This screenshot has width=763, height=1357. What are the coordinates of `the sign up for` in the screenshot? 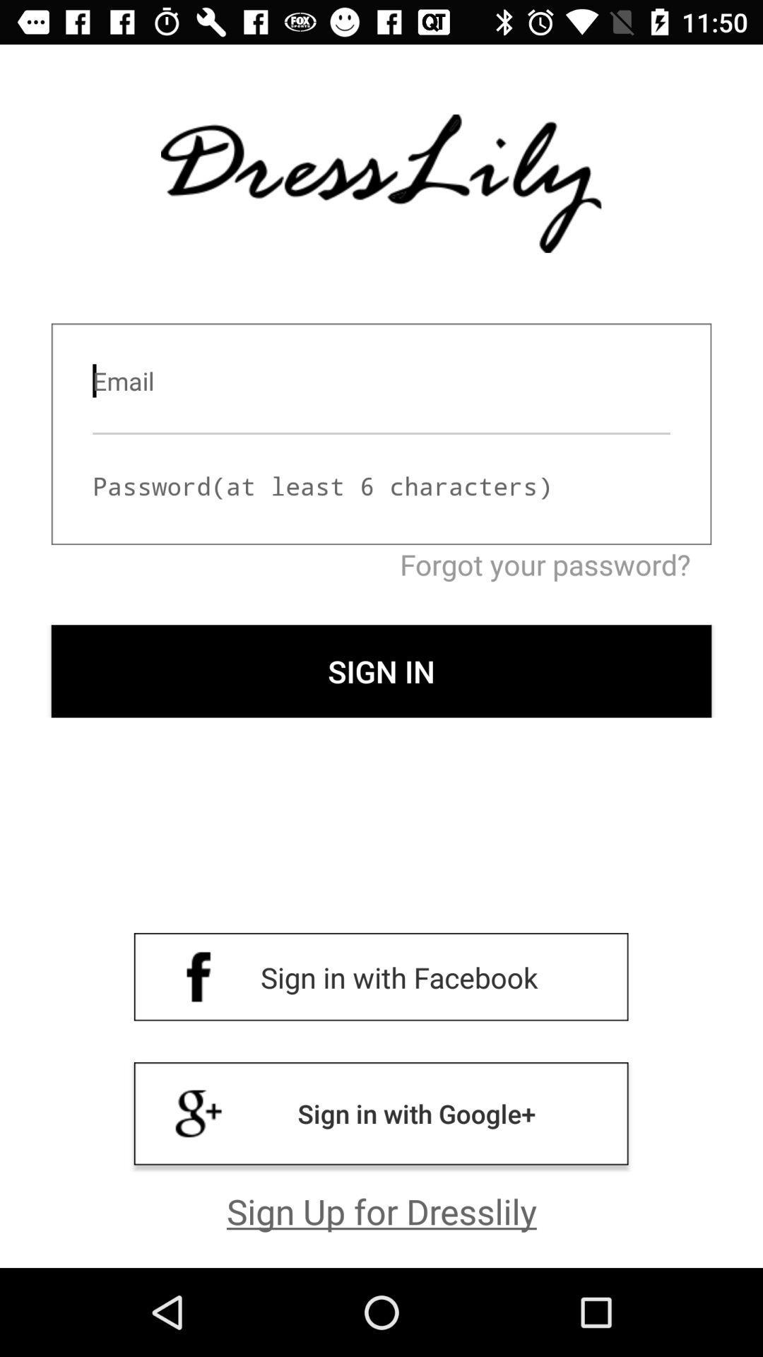 It's located at (381, 1210).